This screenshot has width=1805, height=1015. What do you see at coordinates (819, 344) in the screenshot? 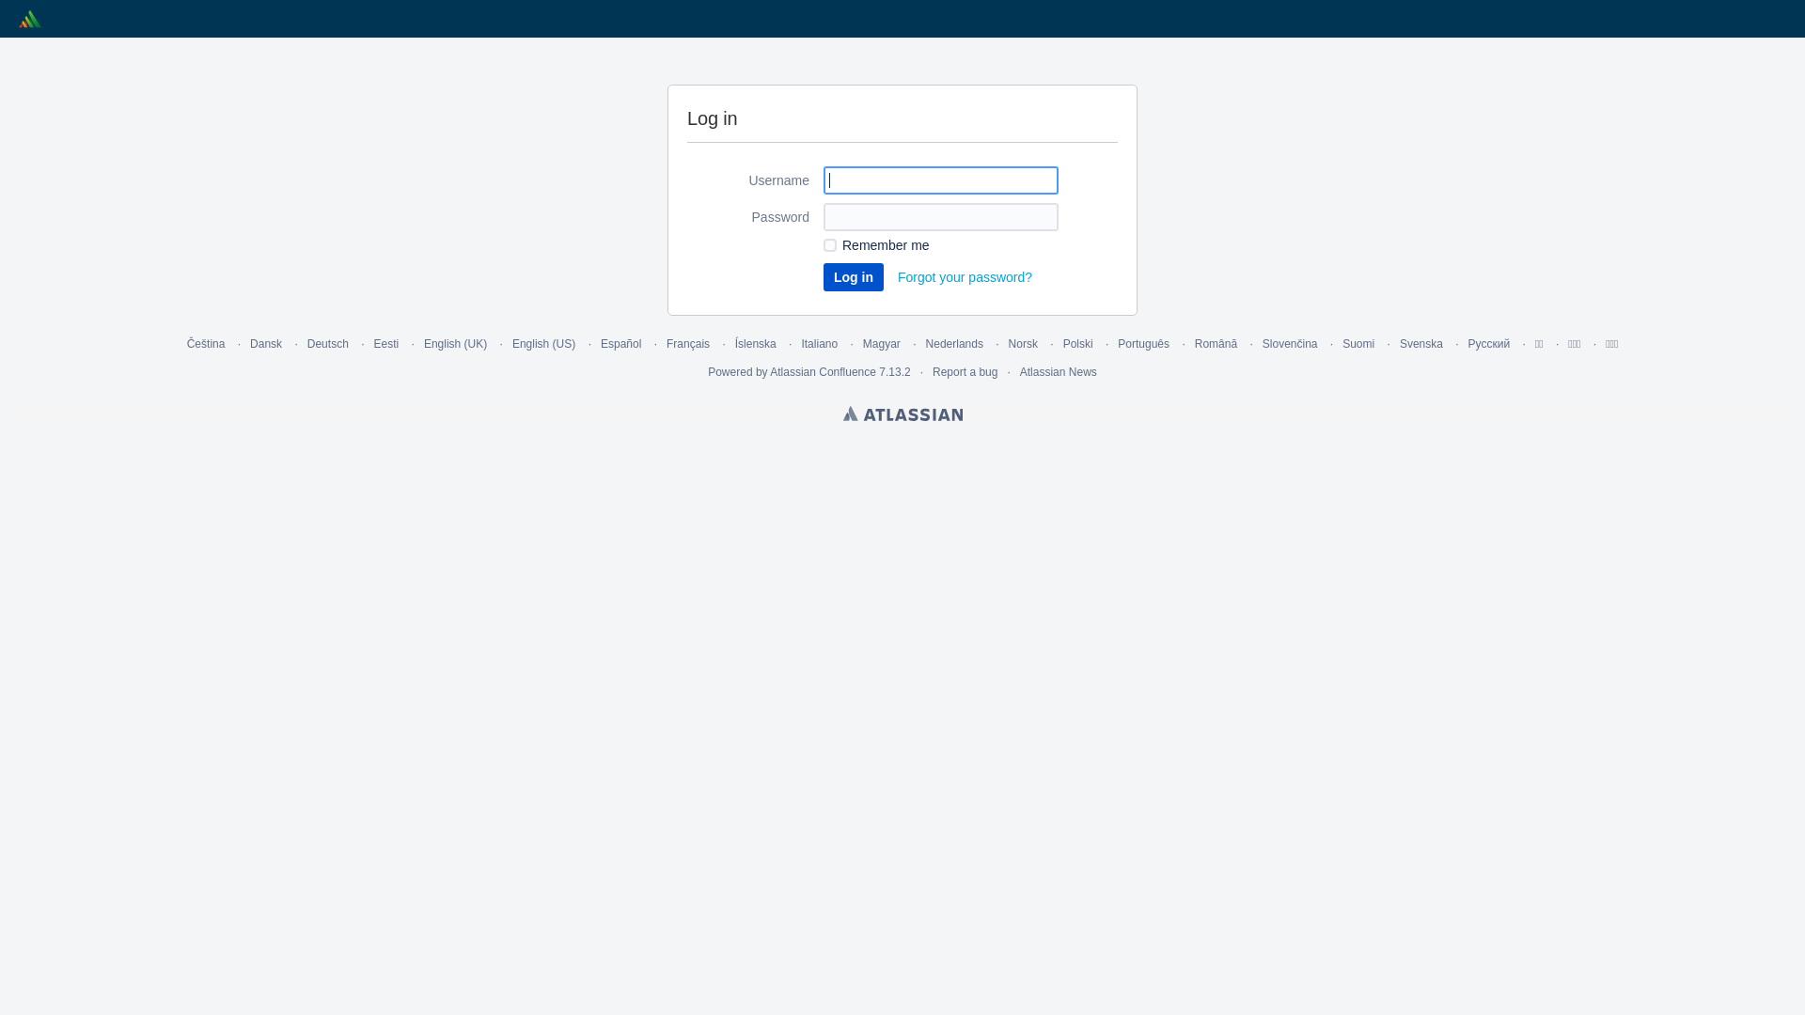
I see `'Italiano'` at bounding box center [819, 344].